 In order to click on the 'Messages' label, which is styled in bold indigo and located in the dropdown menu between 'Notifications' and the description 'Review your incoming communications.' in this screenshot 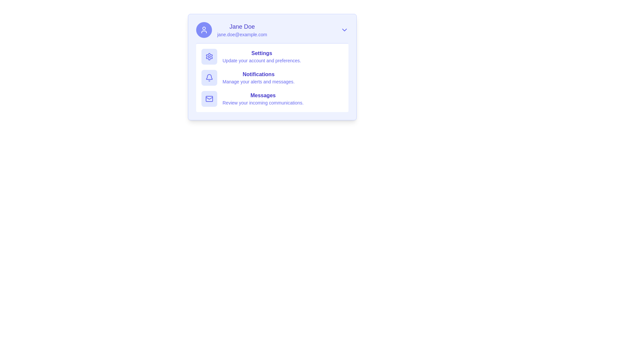, I will do `click(262, 95)`.